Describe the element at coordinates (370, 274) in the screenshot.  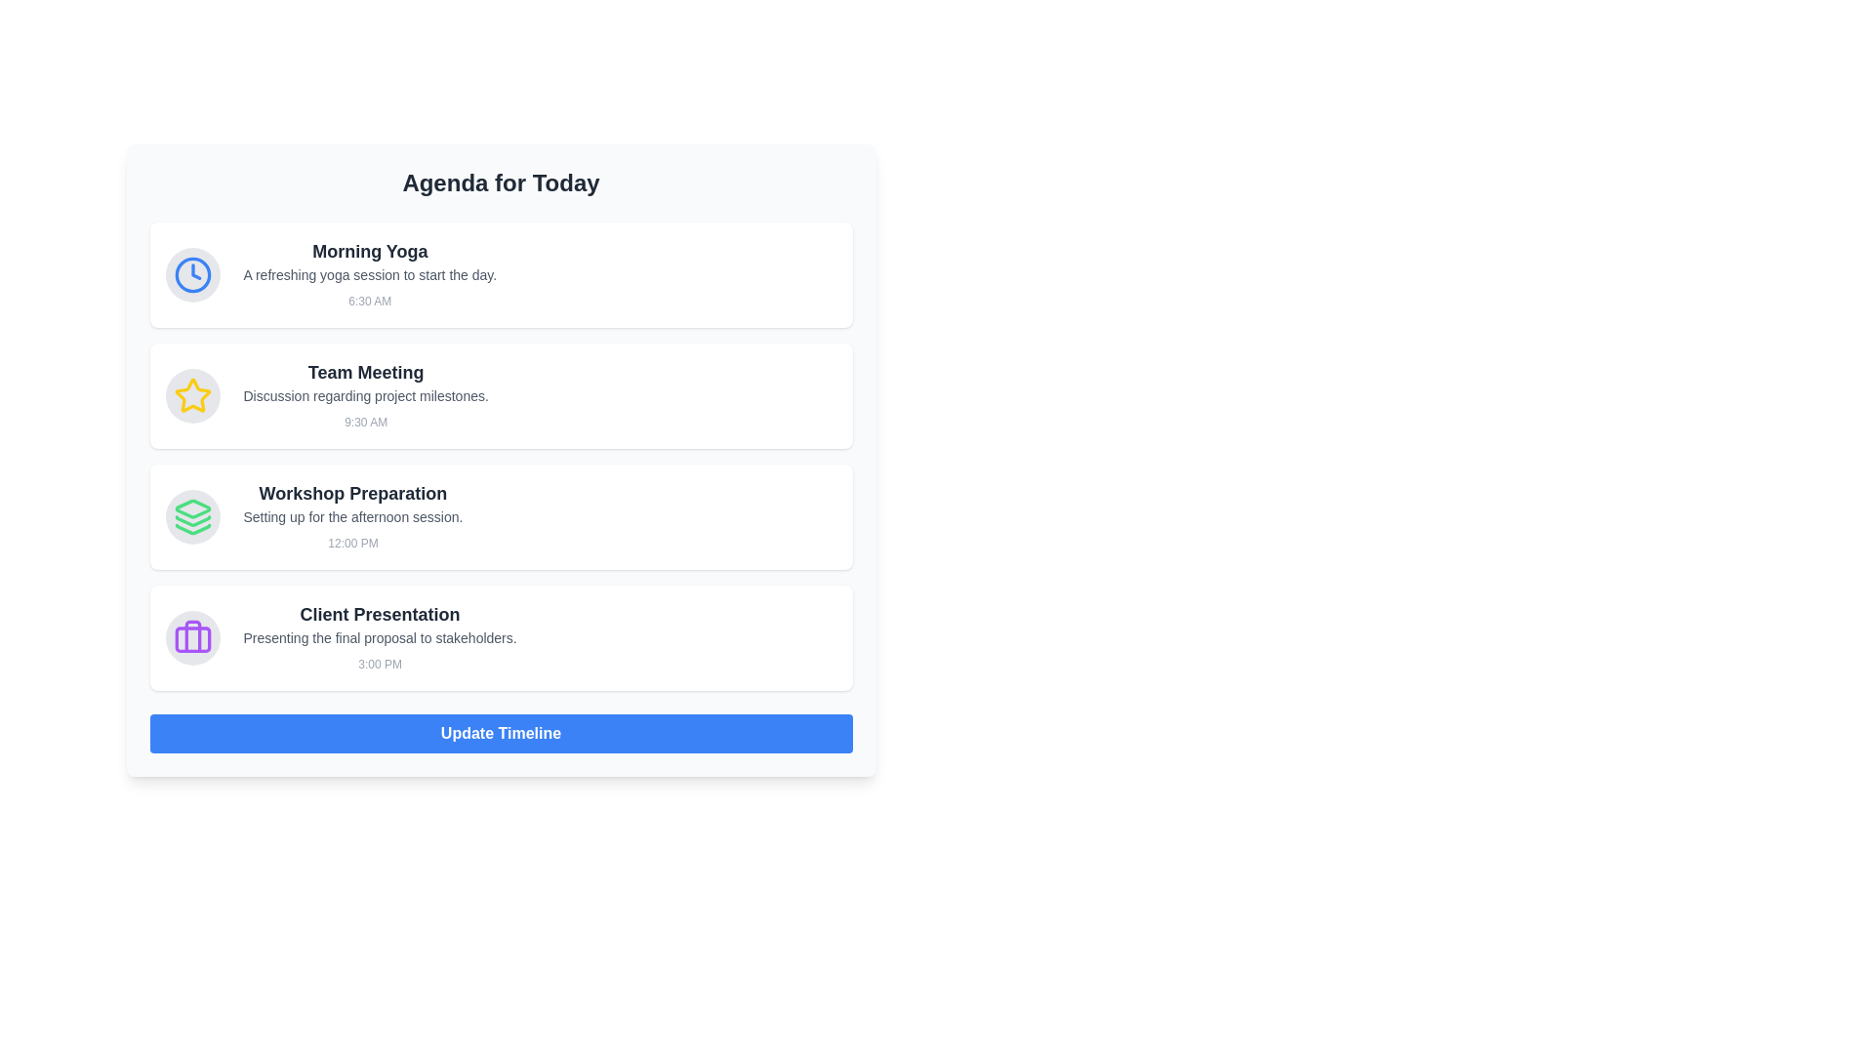
I see `the multi-line text element titled 'Morning Yoga' to edit its content` at that location.